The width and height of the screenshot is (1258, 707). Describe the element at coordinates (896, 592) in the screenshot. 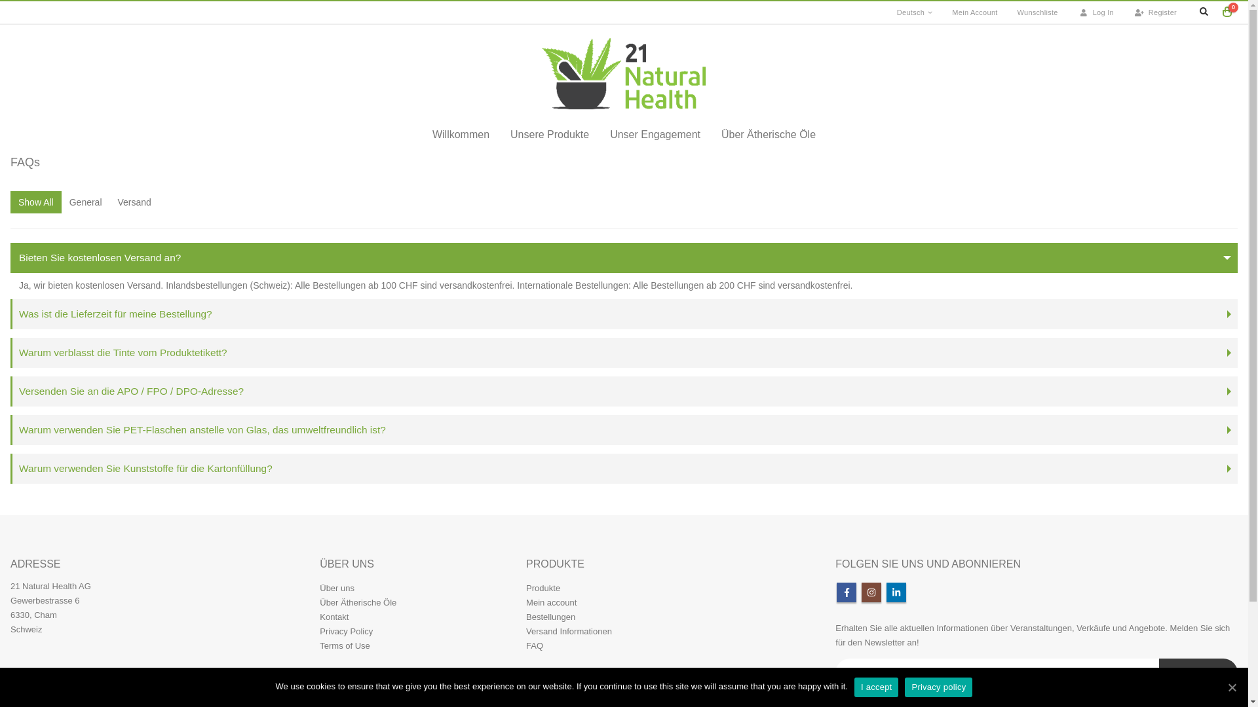

I see `'Linkedin'` at that location.